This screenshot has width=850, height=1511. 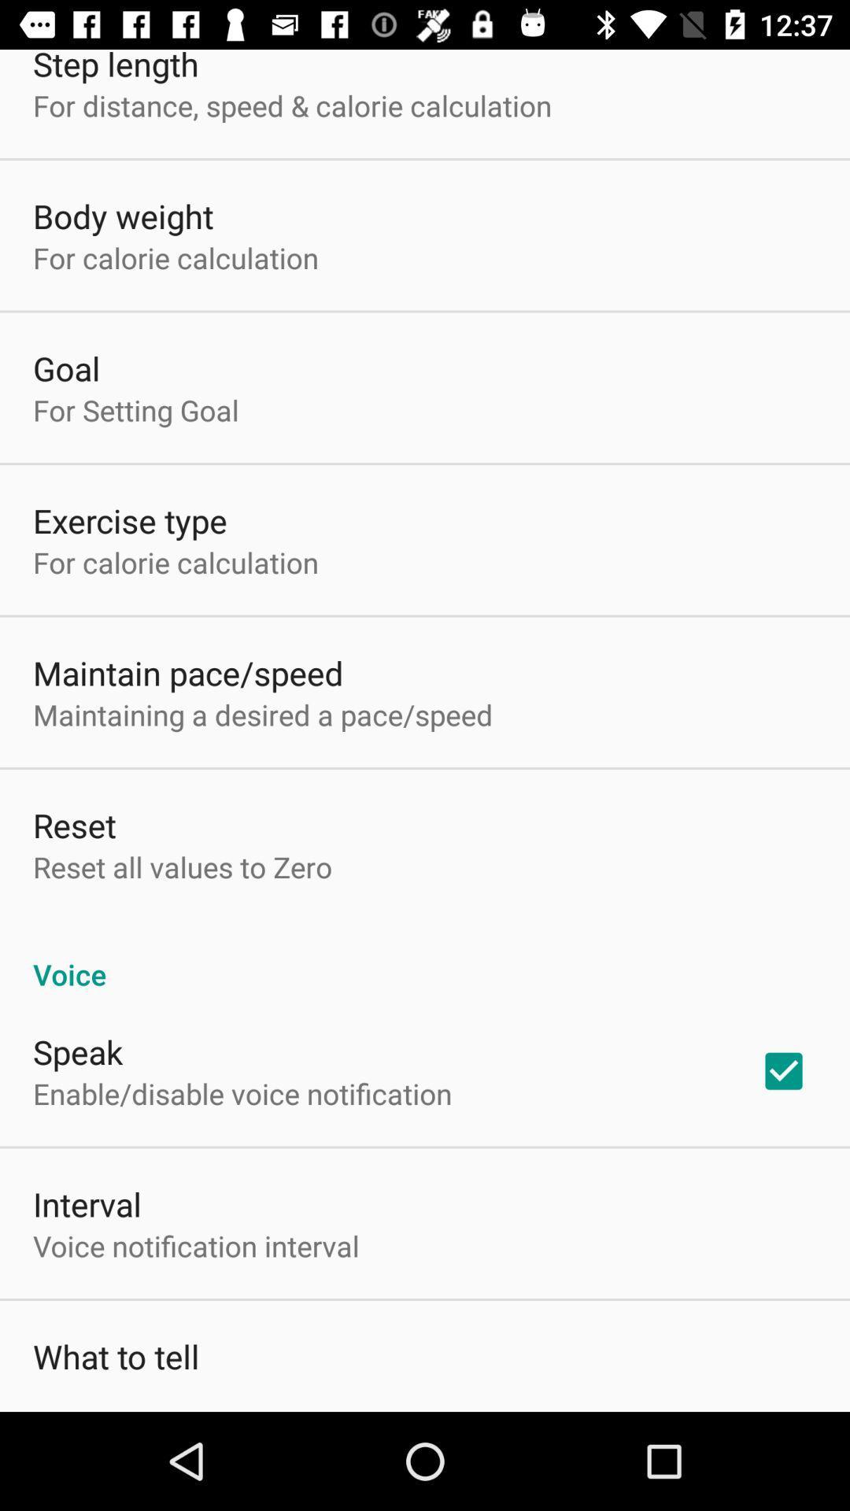 What do you see at coordinates (122, 215) in the screenshot?
I see `body weight icon` at bounding box center [122, 215].